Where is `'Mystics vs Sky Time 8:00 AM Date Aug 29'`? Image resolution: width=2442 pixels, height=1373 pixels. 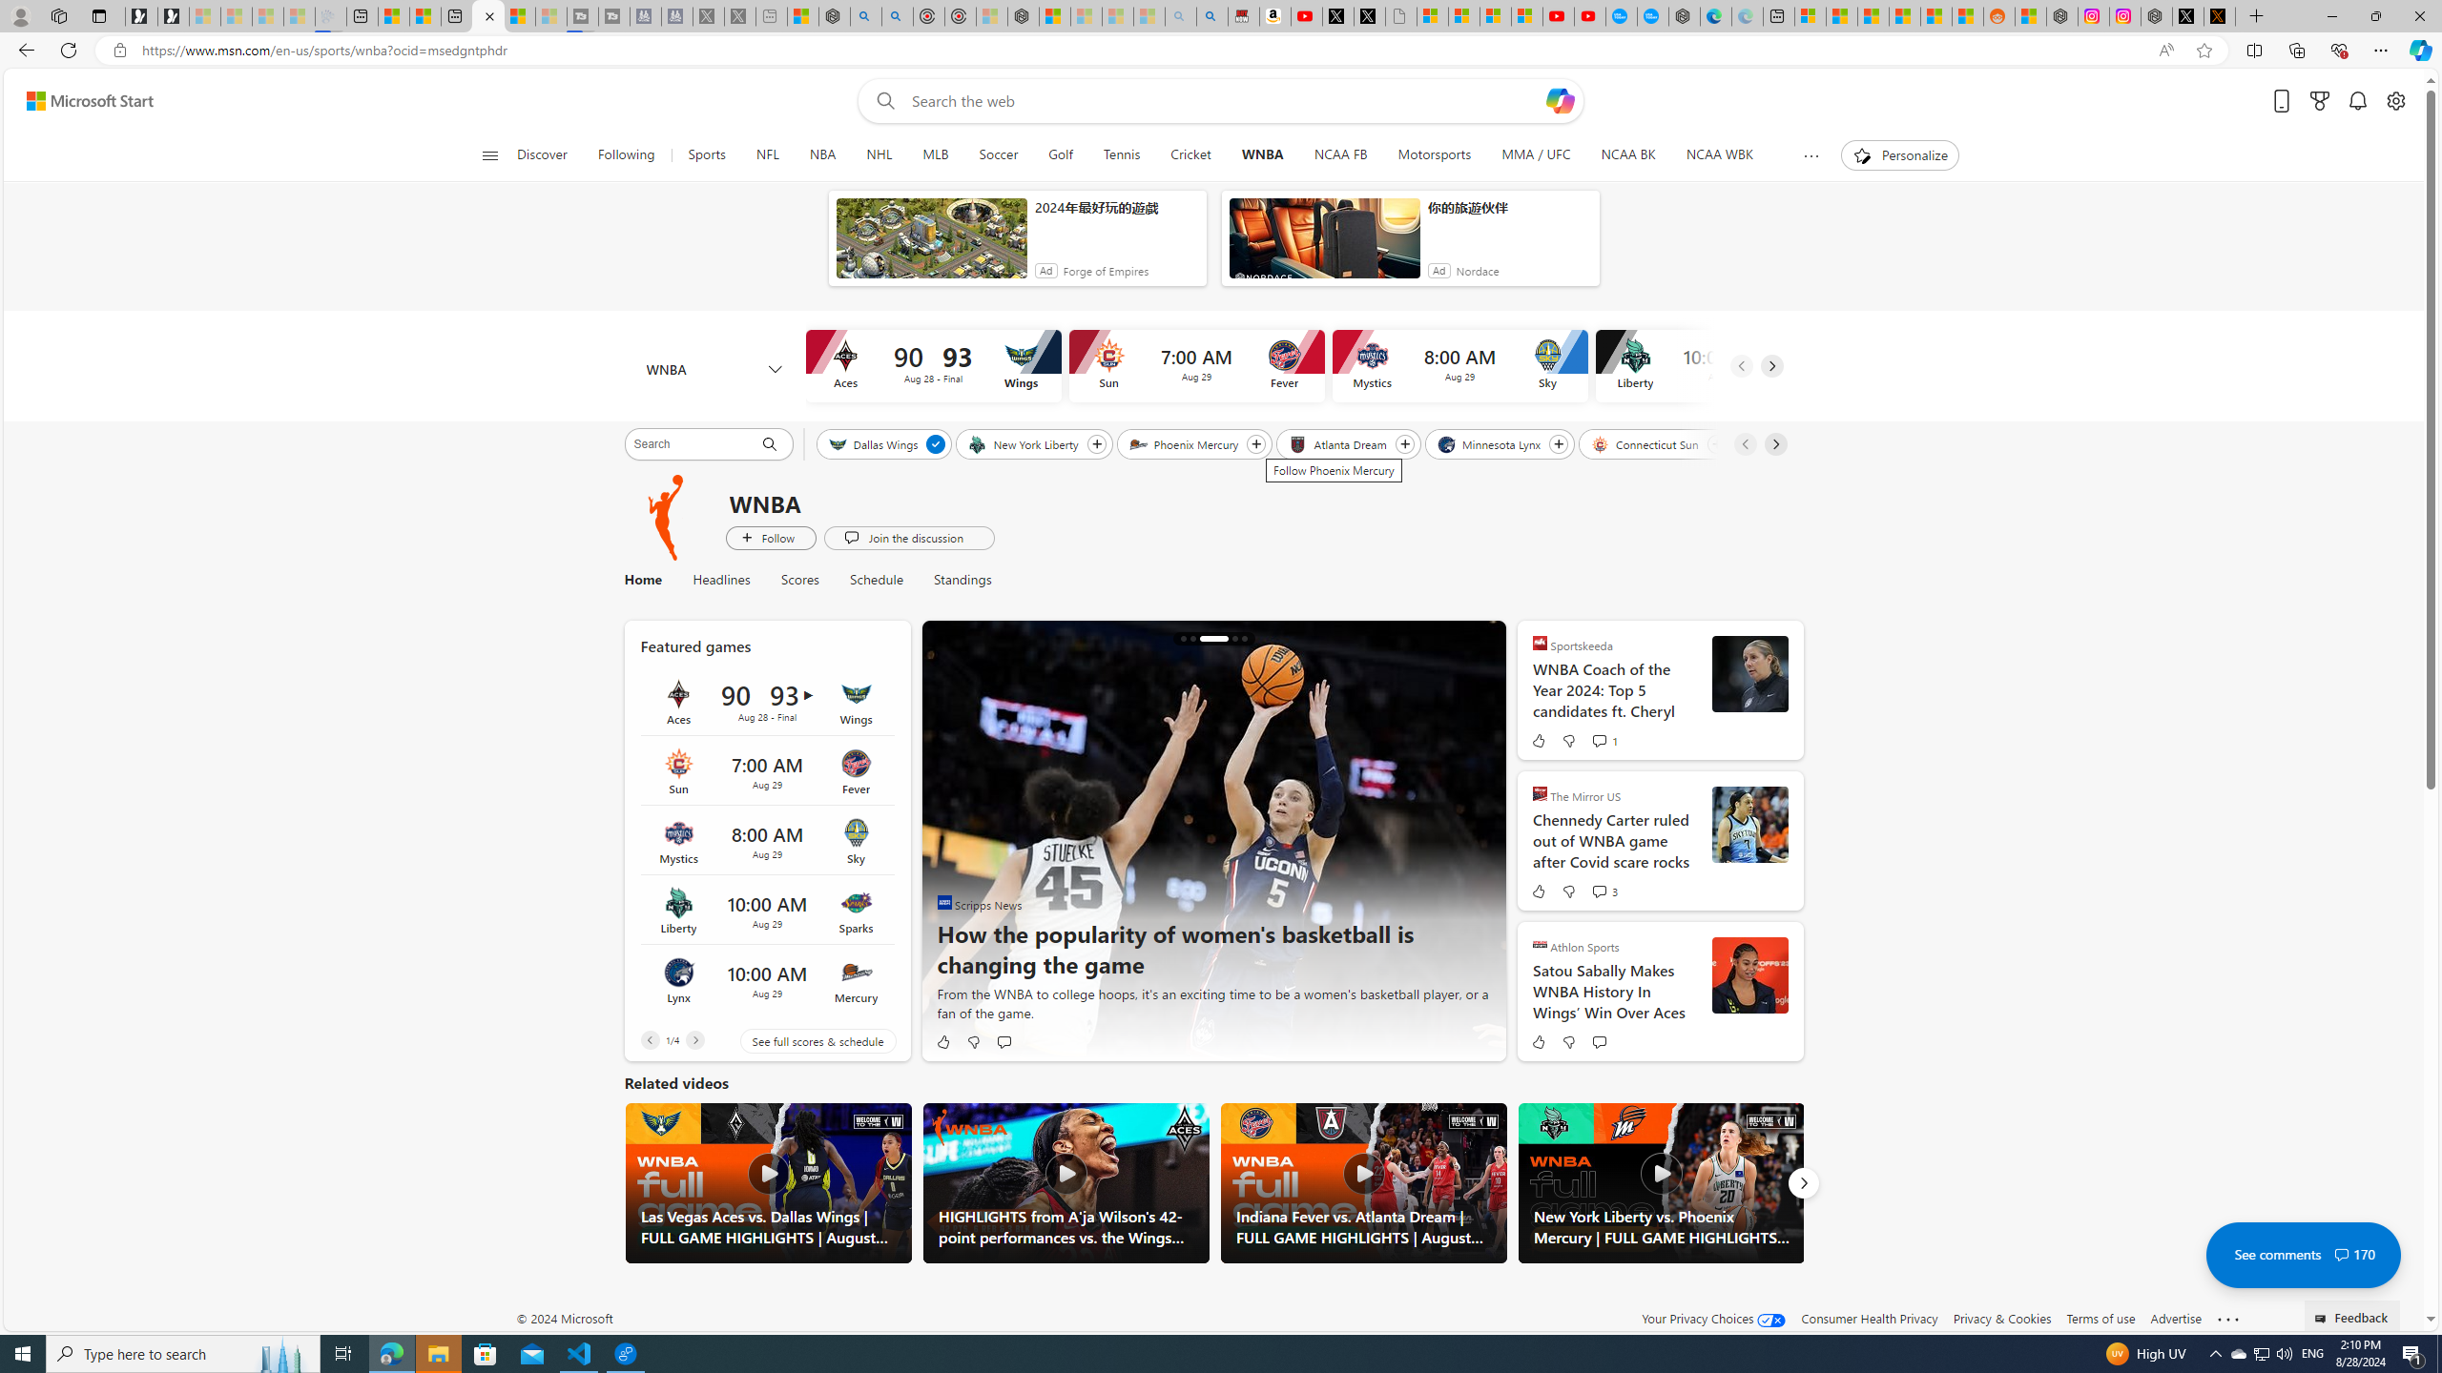
'Mystics vs Sky Time 8:00 AM Date Aug 29' is located at coordinates (766, 840).